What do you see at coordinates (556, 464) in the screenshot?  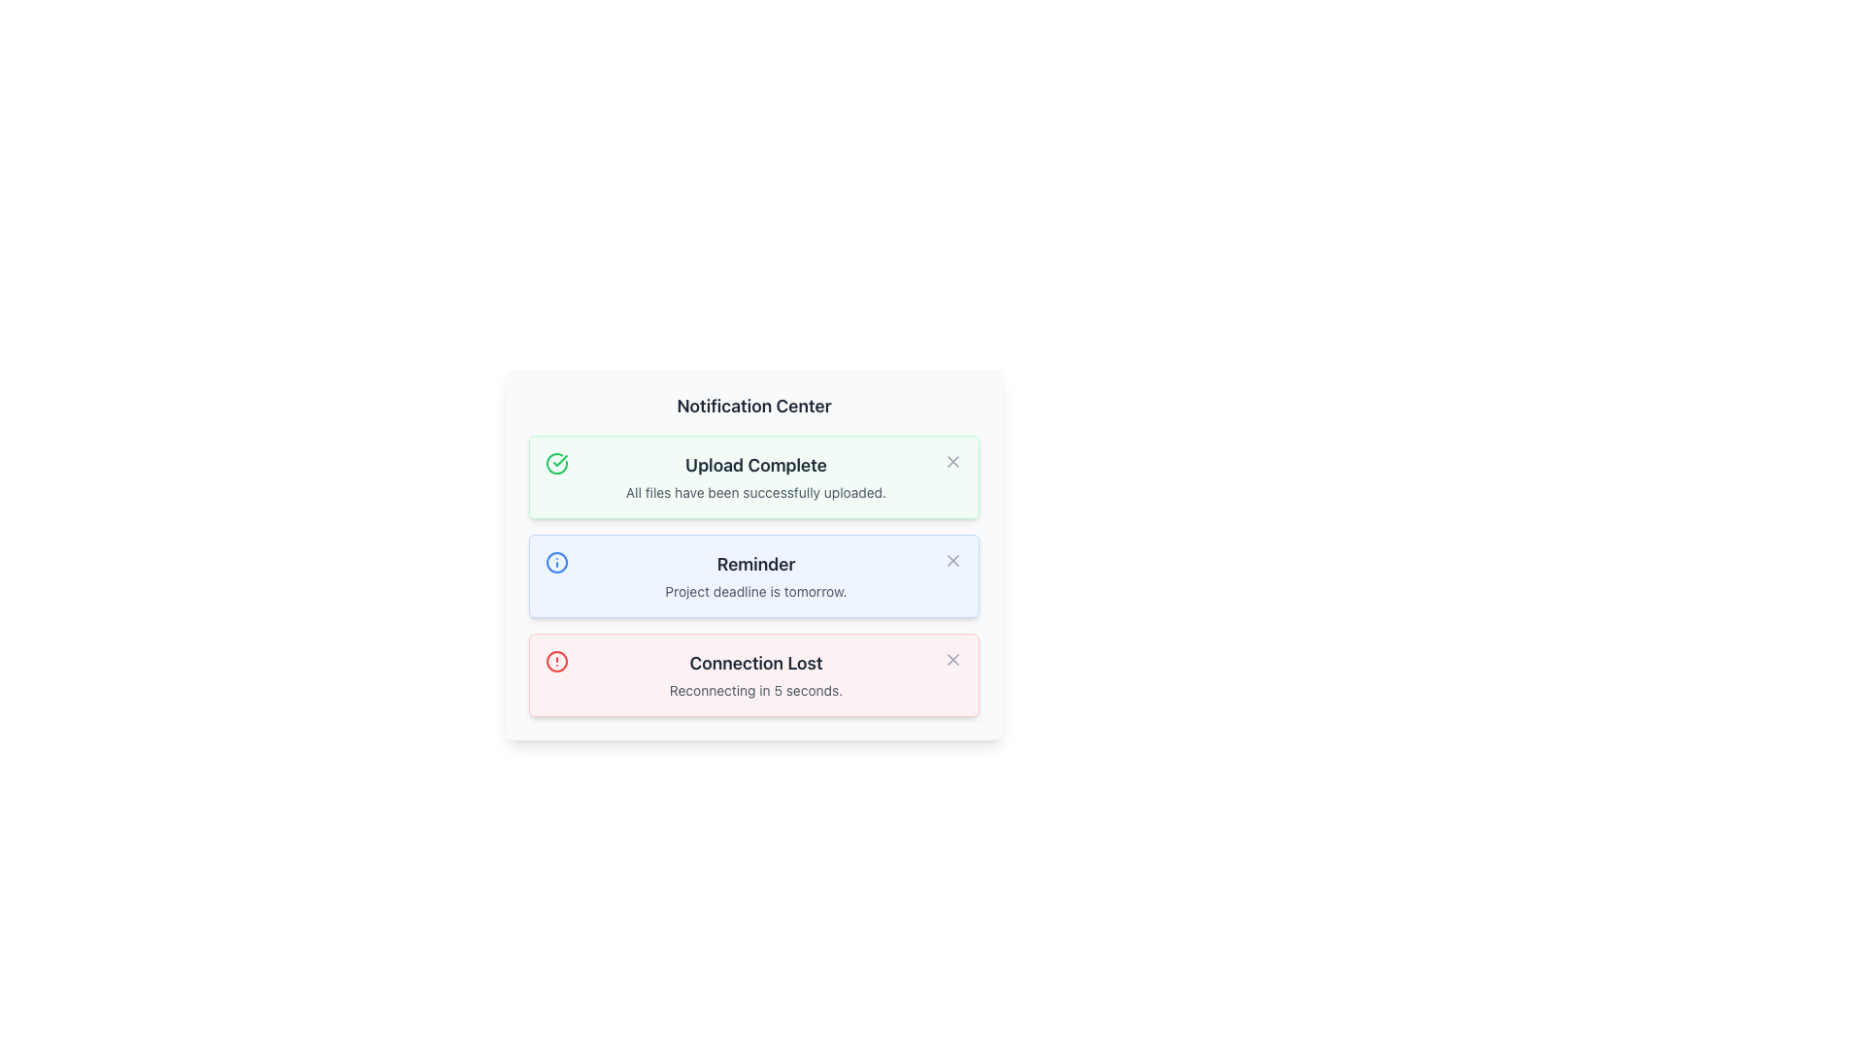 I see `the upload completion icon located in the upper-left corner of the green-highlighted panel labeled 'Upload Complete' within the notification list` at bounding box center [556, 464].